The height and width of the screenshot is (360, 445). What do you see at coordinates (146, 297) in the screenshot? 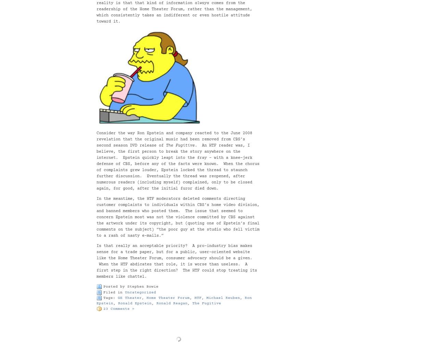
I see `'Home Theater Forum'` at bounding box center [146, 297].